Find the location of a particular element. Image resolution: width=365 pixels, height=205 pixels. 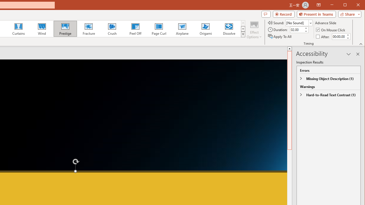

'More' is located at coordinates (347, 35).